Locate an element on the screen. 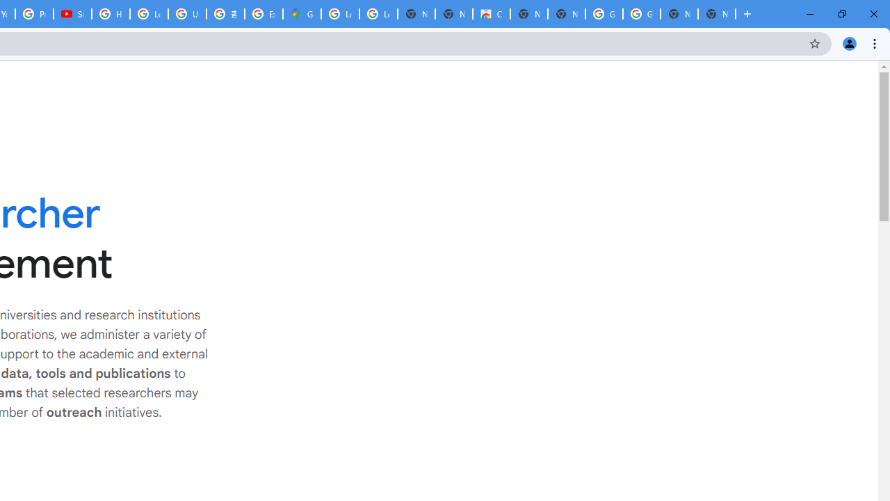 This screenshot has width=890, height=501. 'New Tab' is located at coordinates (717, 14).